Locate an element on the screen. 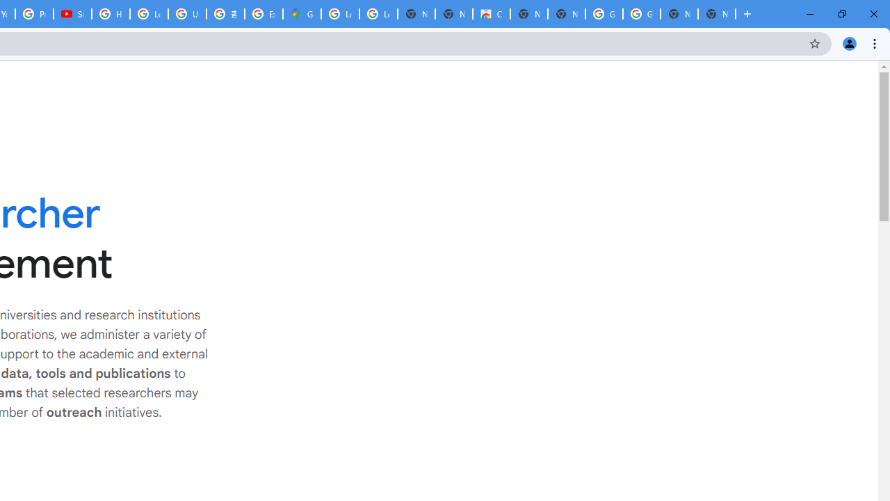 This screenshot has width=890, height=501. 'New Tab' is located at coordinates (717, 14).